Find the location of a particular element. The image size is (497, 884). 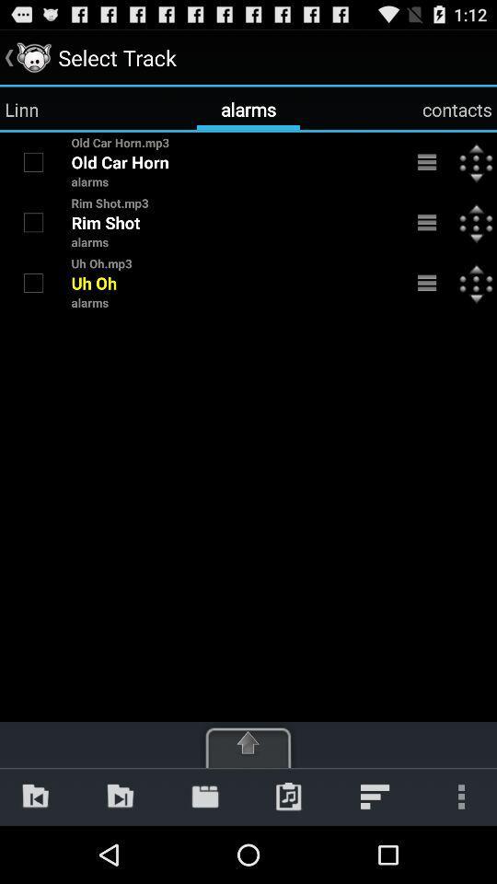

open menu for old car horn is located at coordinates (427, 161).